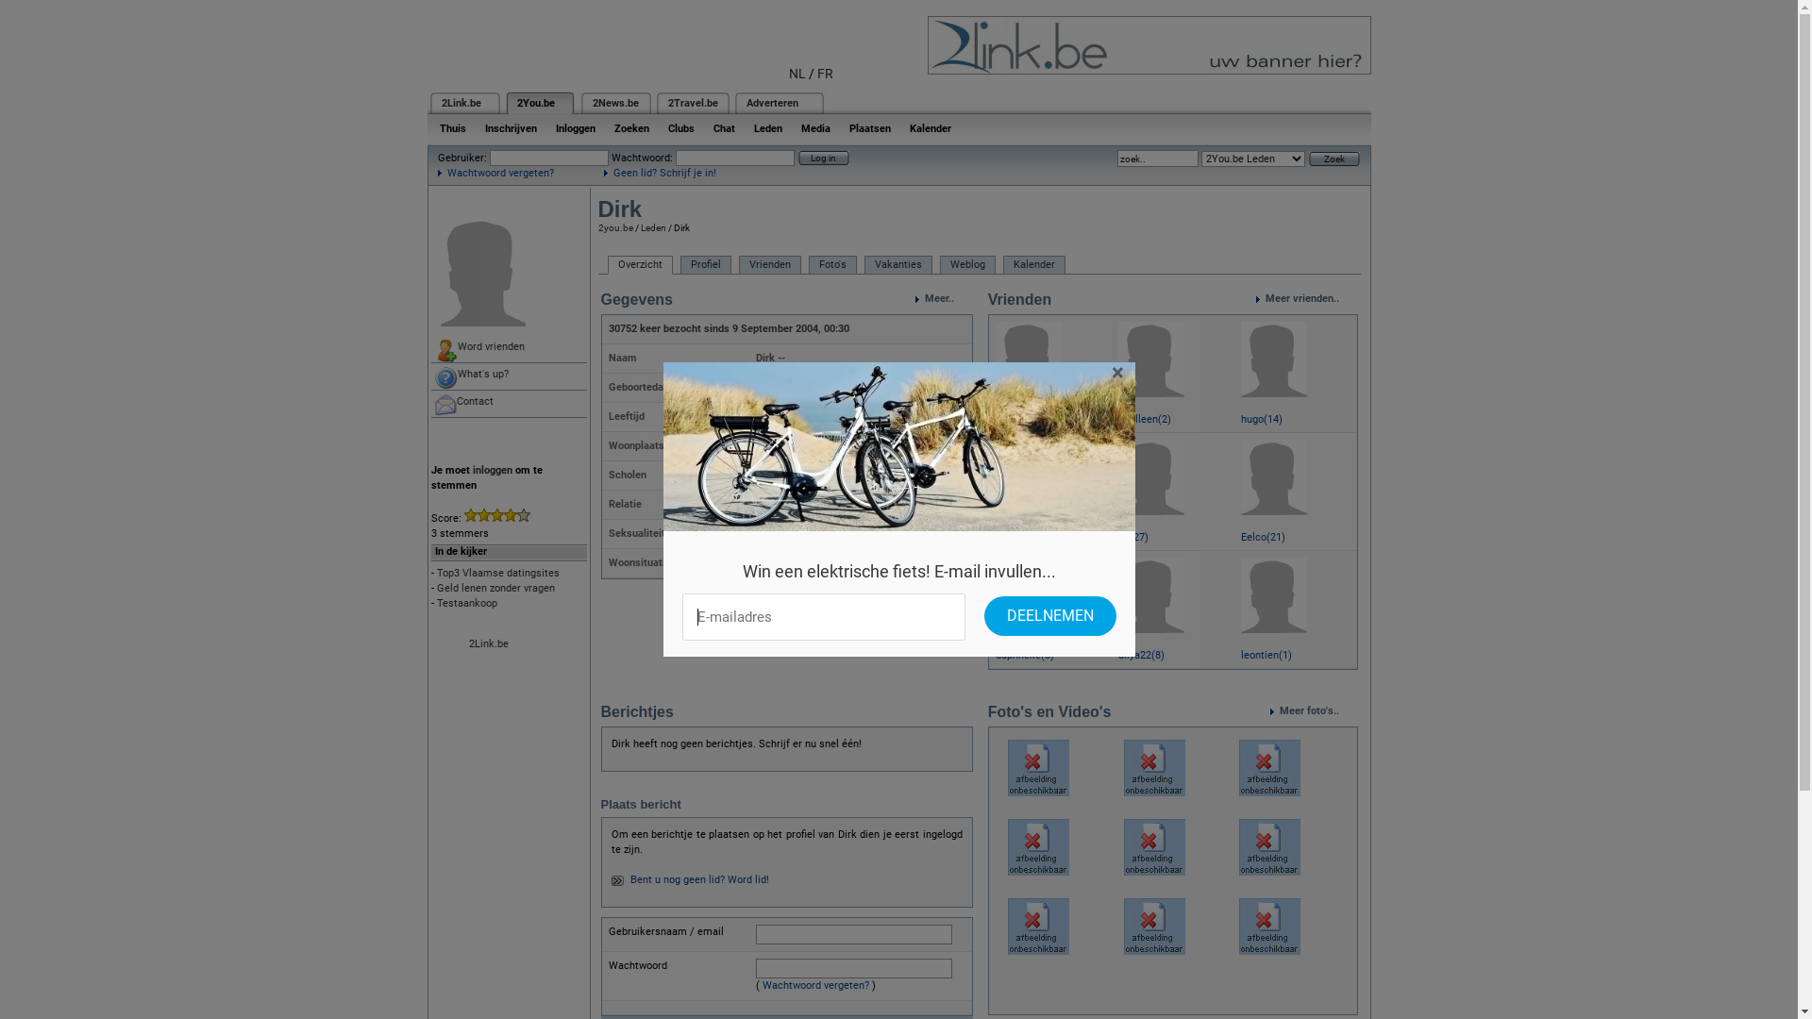 Image resolution: width=1812 pixels, height=1019 pixels. Describe the element at coordinates (1332, 157) in the screenshot. I see `'Zoek'` at that location.